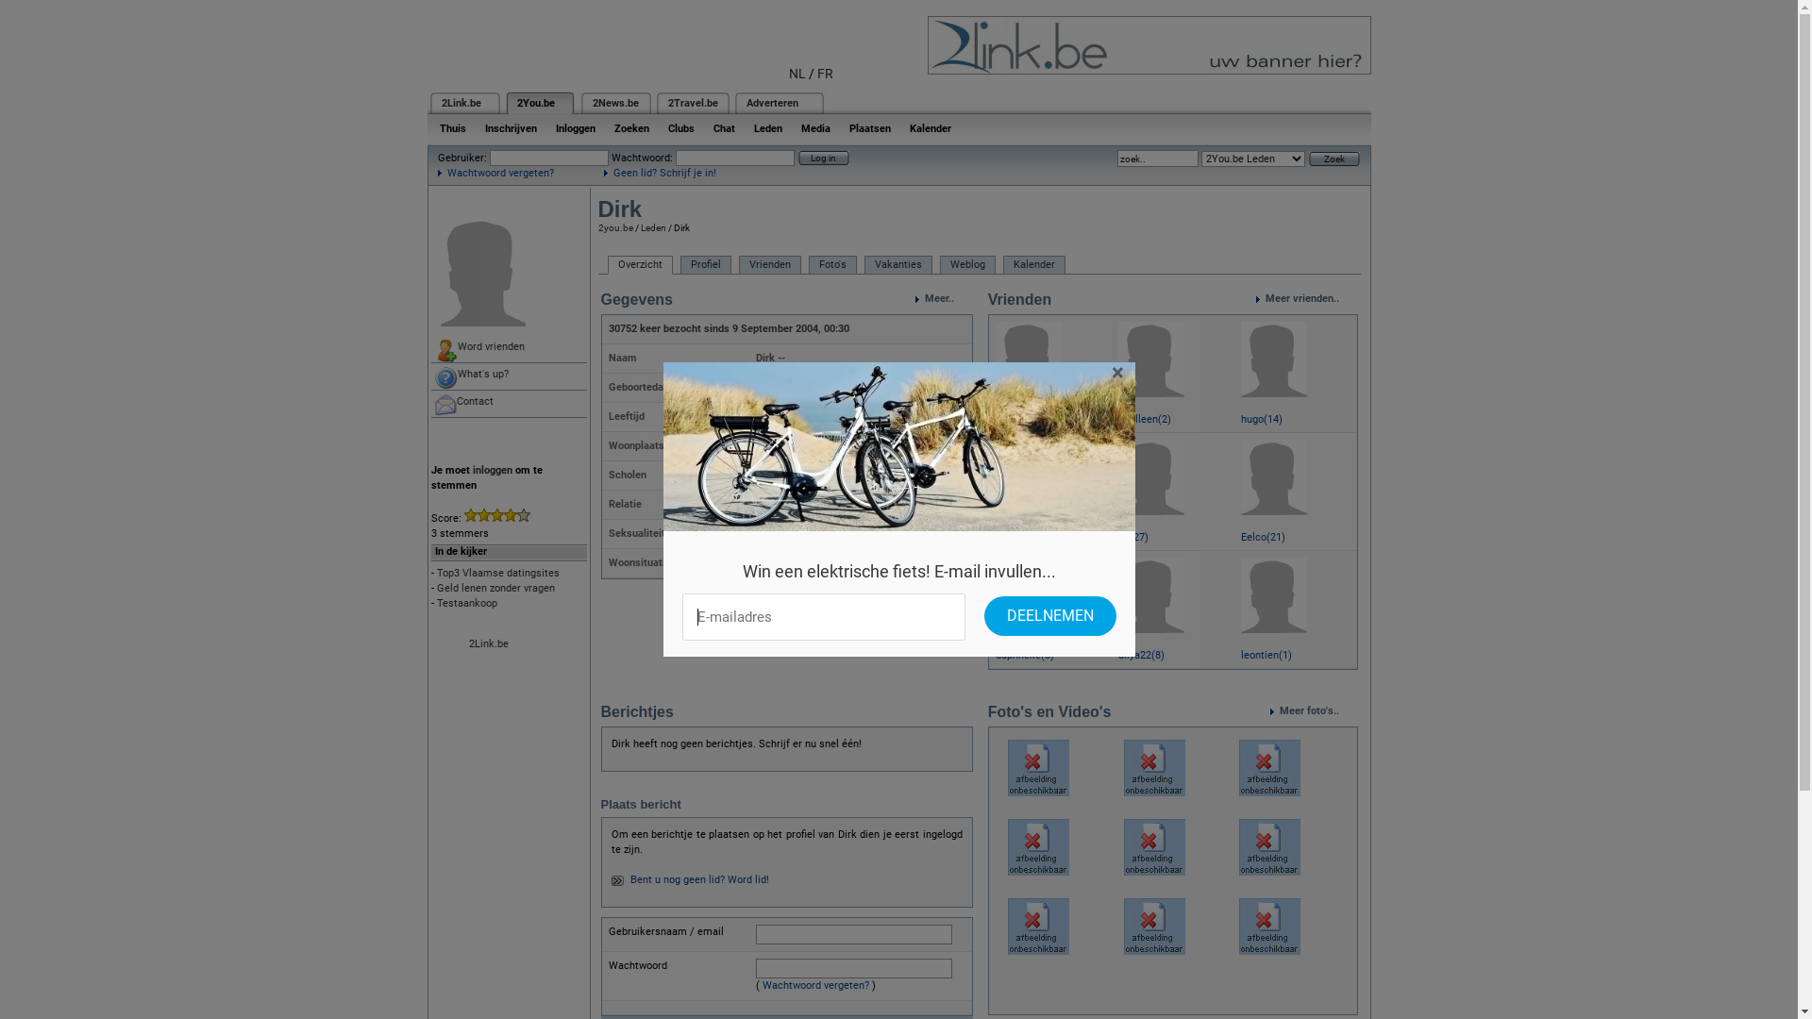 Image resolution: width=1812 pixels, height=1019 pixels. Describe the element at coordinates (1332, 157) in the screenshot. I see `'Zoek'` at that location.